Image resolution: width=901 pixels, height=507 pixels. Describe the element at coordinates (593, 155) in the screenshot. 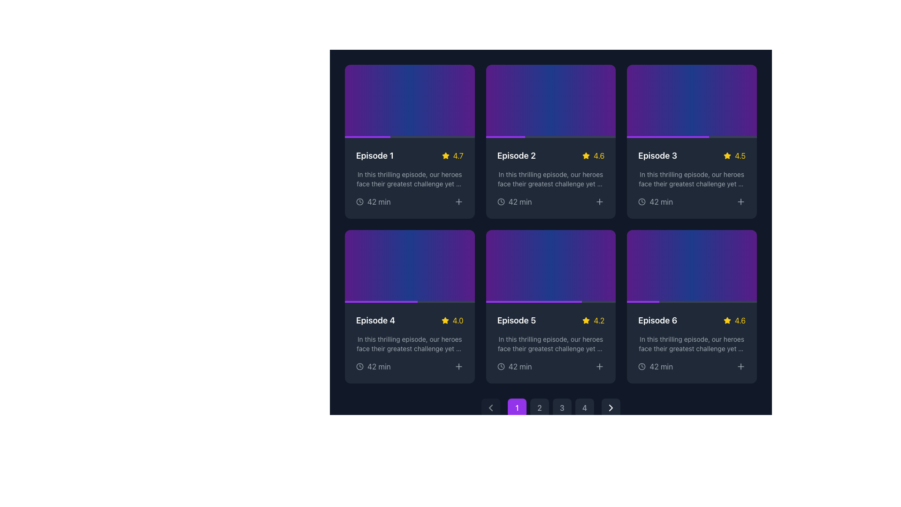

I see `the Rating indicator for 'Episode 2', which features a yellow star icon and the text '4.6' on a dark background` at that location.